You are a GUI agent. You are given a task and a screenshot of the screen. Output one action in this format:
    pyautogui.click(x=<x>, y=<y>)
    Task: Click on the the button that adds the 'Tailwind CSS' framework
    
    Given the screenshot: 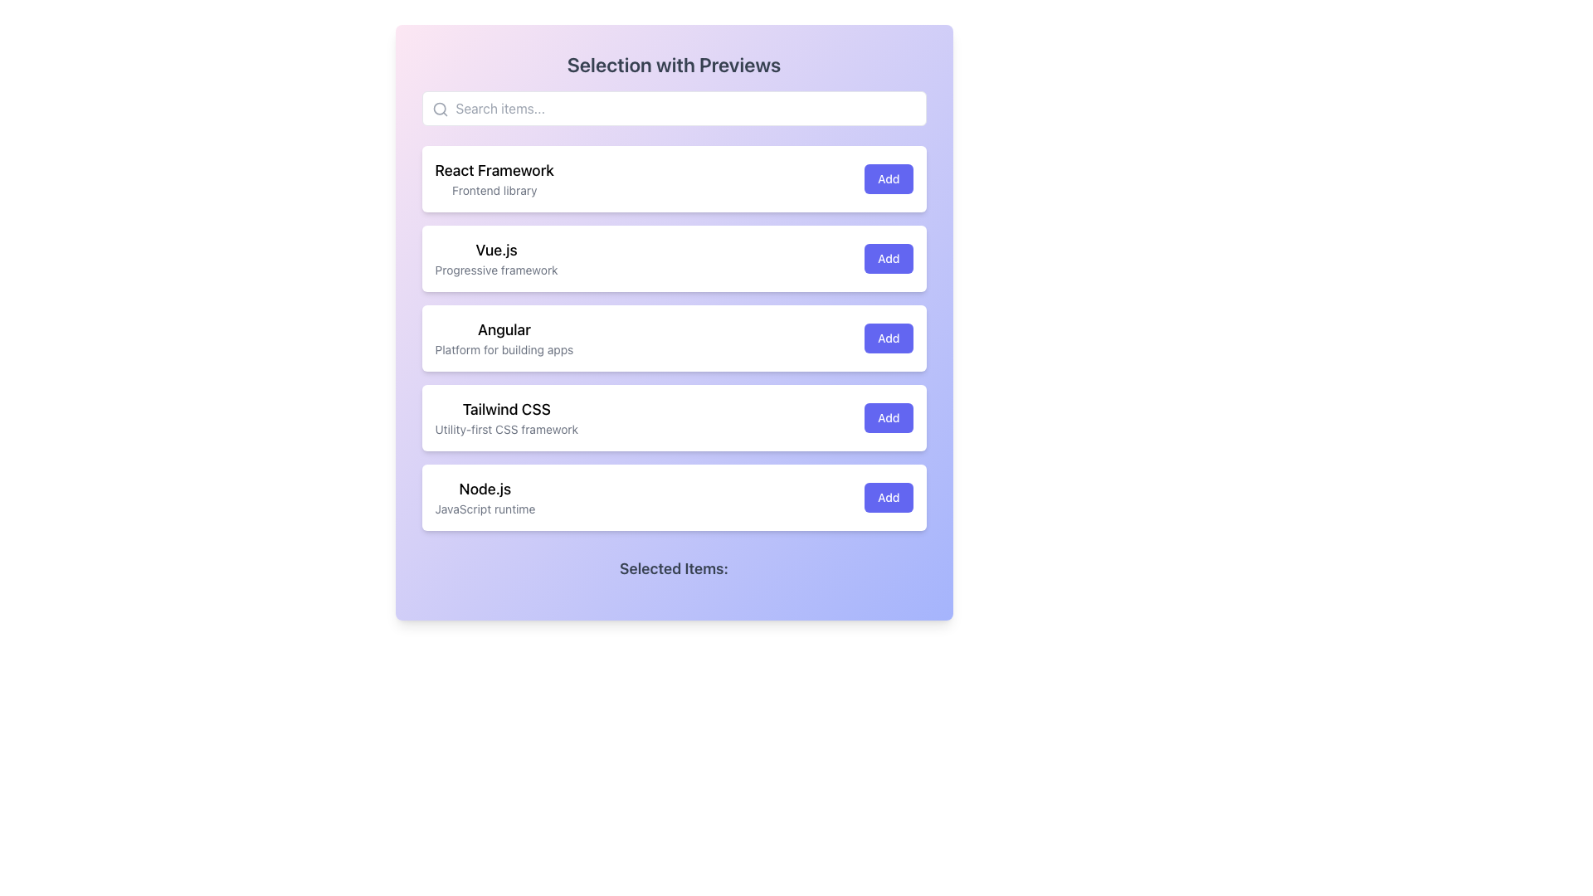 What is the action you would take?
    pyautogui.click(x=888, y=417)
    